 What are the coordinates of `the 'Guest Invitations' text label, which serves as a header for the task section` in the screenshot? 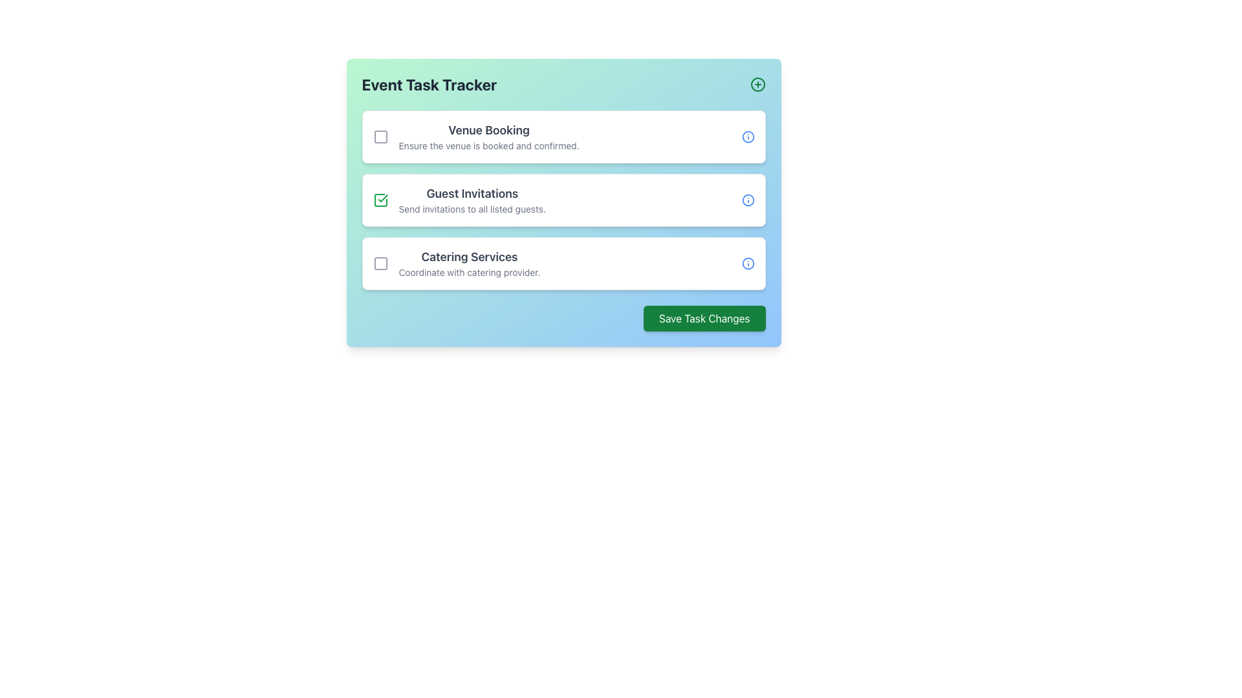 It's located at (472, 194).